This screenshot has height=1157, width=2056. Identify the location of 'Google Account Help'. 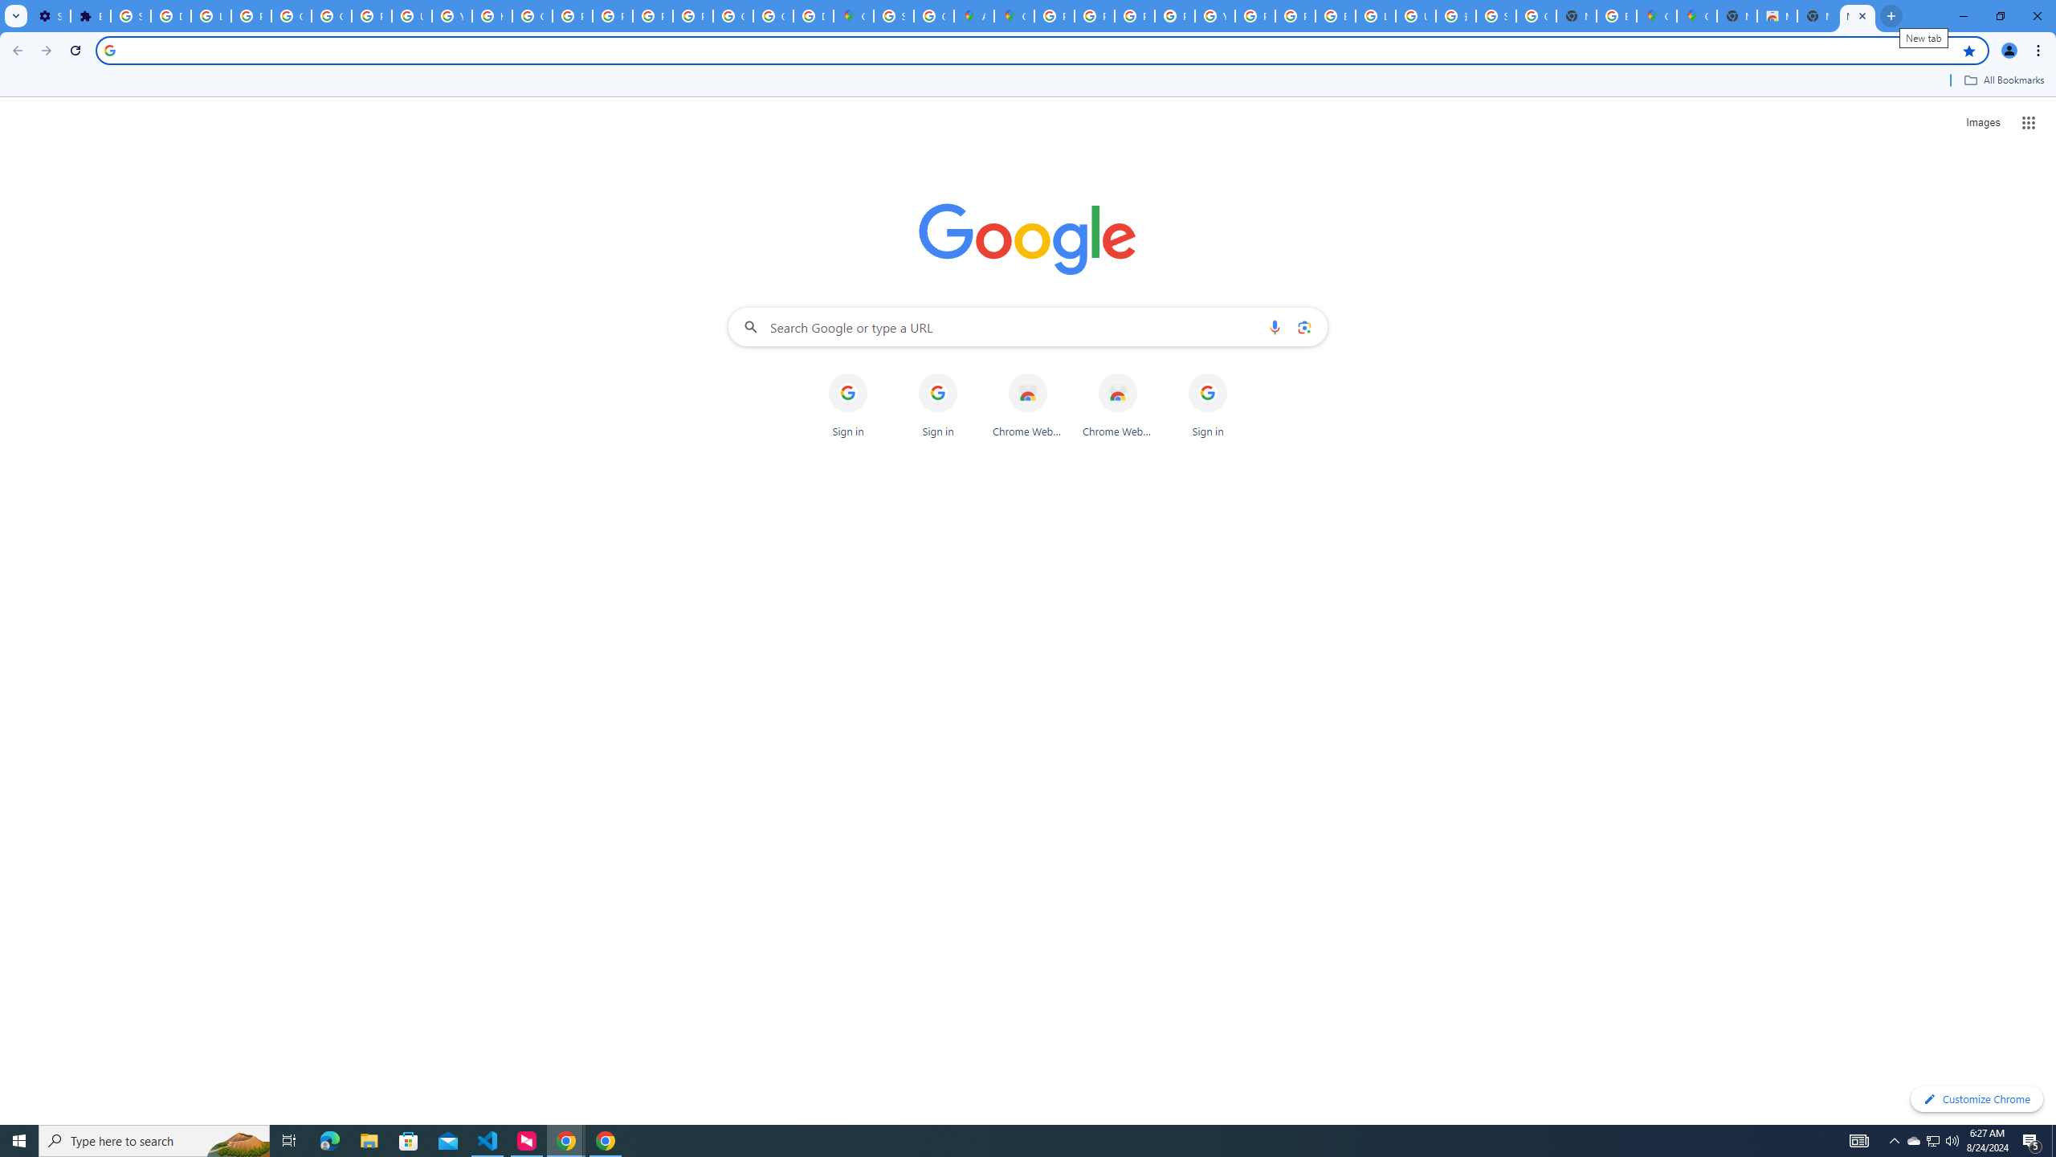
(291, 15).